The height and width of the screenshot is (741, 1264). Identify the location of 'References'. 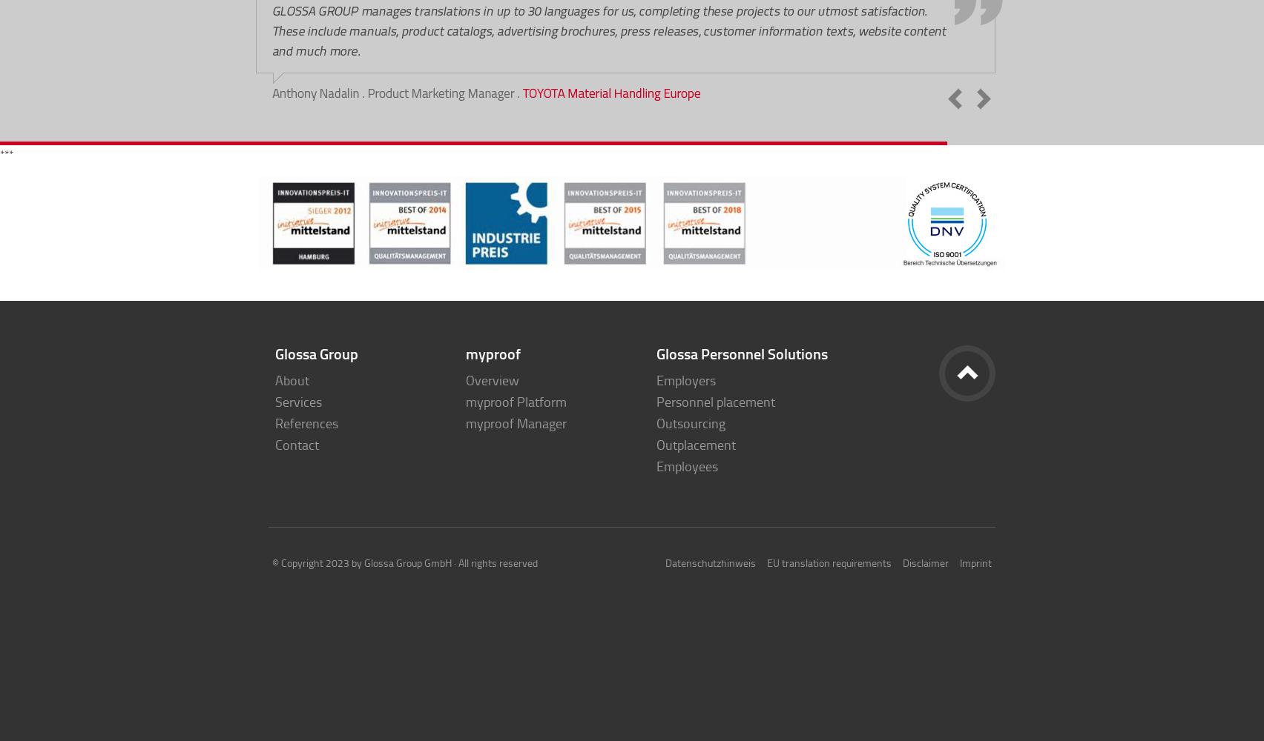
(306, 422).